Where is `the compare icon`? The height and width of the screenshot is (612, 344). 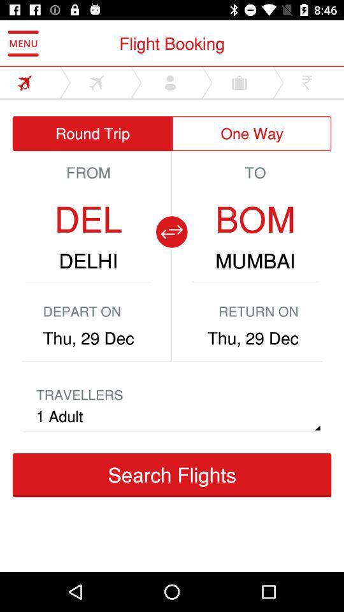
the compare icon is located at coordinates (171, 231).